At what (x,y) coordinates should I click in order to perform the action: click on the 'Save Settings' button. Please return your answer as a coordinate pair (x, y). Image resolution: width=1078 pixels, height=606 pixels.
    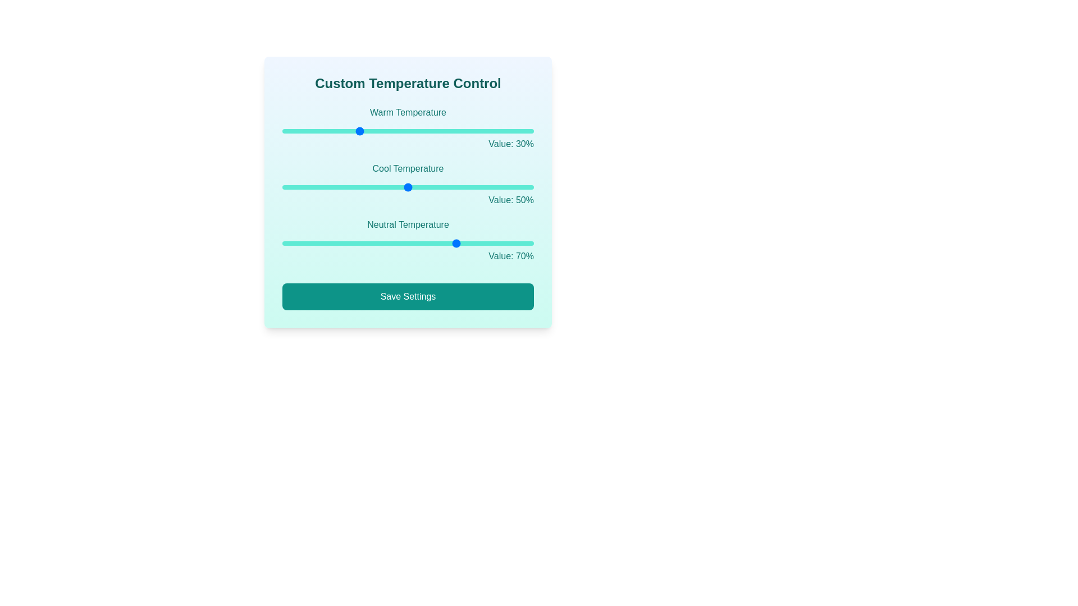
    Looking at the image, I should click on (407, 296).